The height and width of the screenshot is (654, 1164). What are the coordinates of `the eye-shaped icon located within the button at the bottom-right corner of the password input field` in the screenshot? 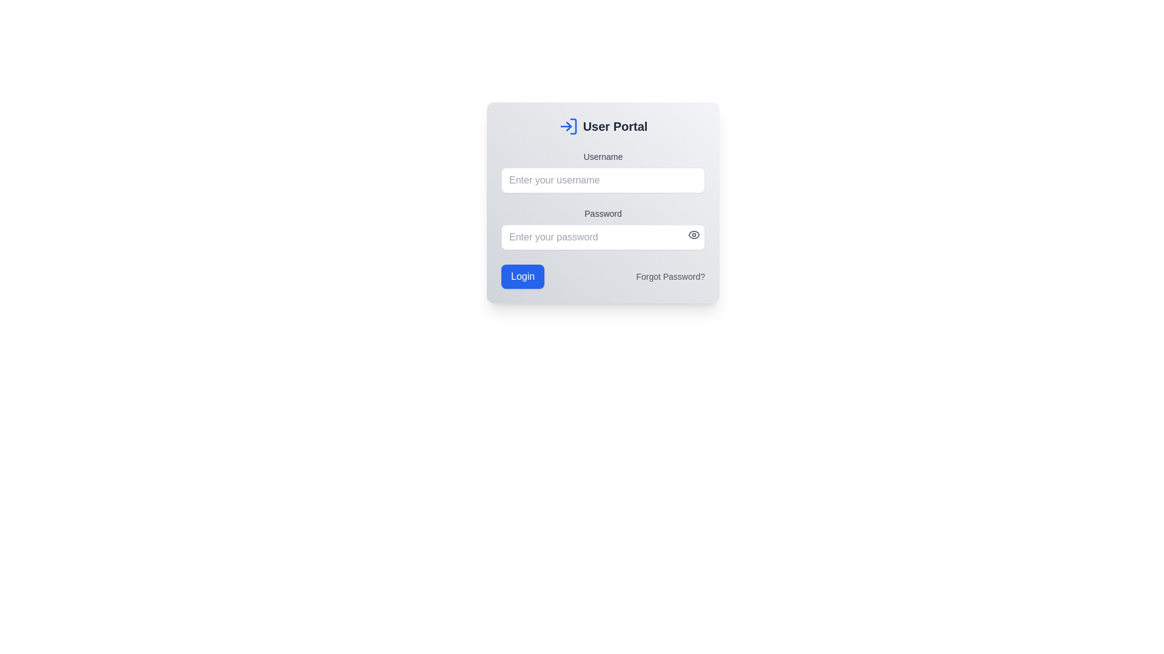 It's located at (694, 235).